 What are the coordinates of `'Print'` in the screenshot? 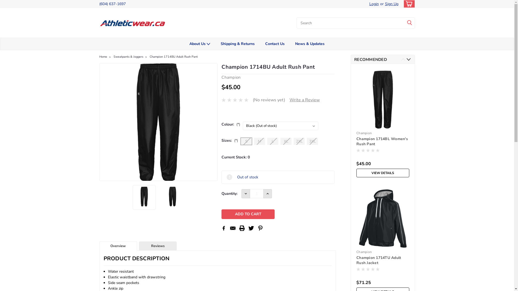 It's located at (242, 228).